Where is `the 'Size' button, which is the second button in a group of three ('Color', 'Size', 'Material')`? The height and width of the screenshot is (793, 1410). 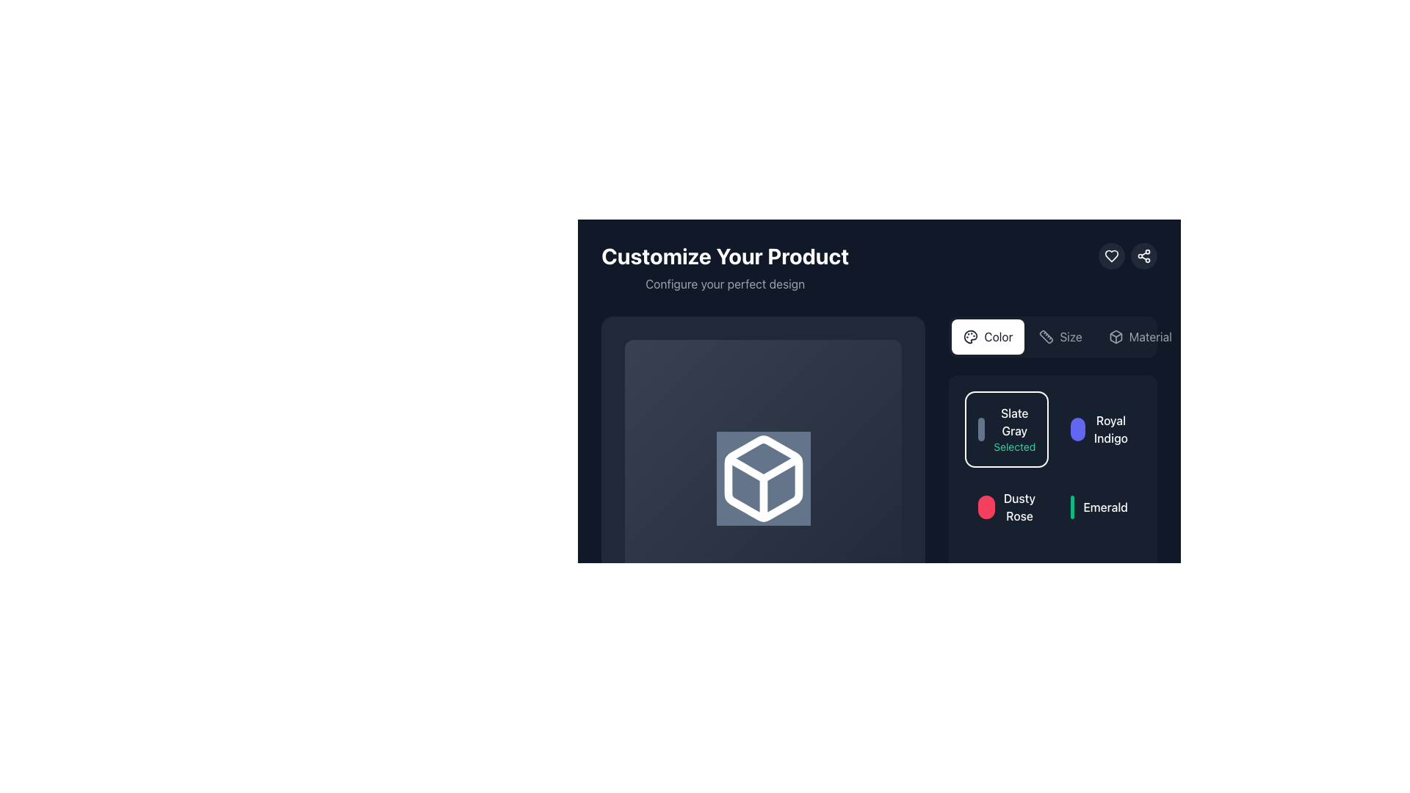 the 'Size' button, which is the second button in a group of three ('Color', 'Size', 'Material') is located at coordinates (1060, 337).